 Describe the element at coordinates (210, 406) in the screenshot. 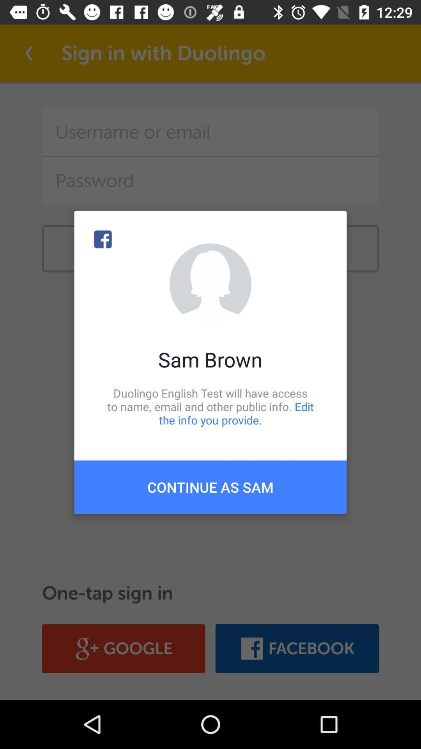

I see `duolingo english test icon` at that location.